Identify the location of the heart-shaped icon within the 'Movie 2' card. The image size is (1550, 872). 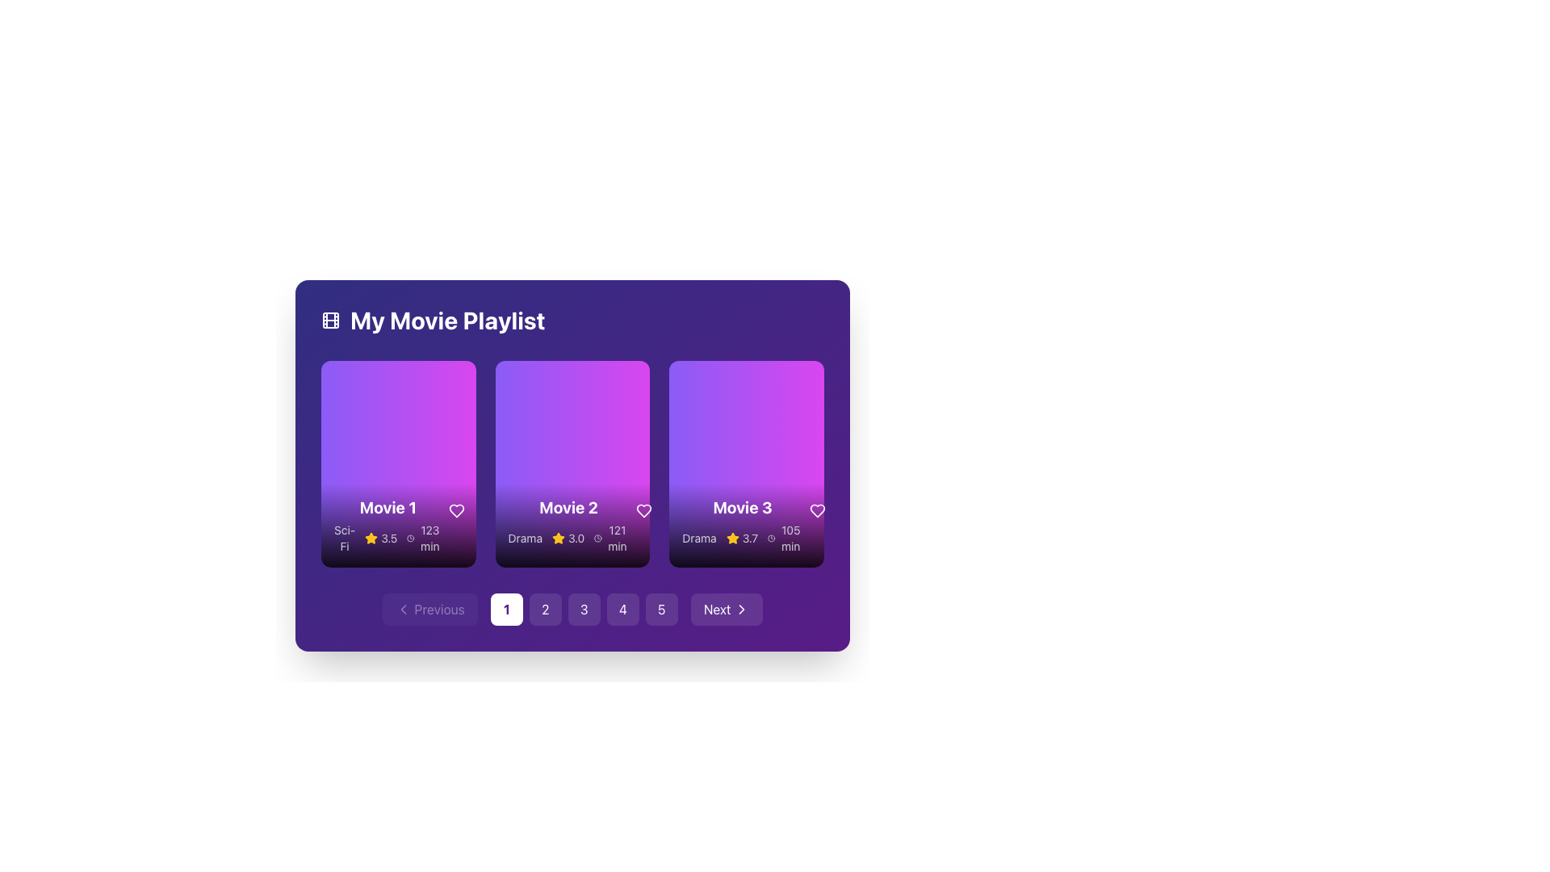
(643, 510).